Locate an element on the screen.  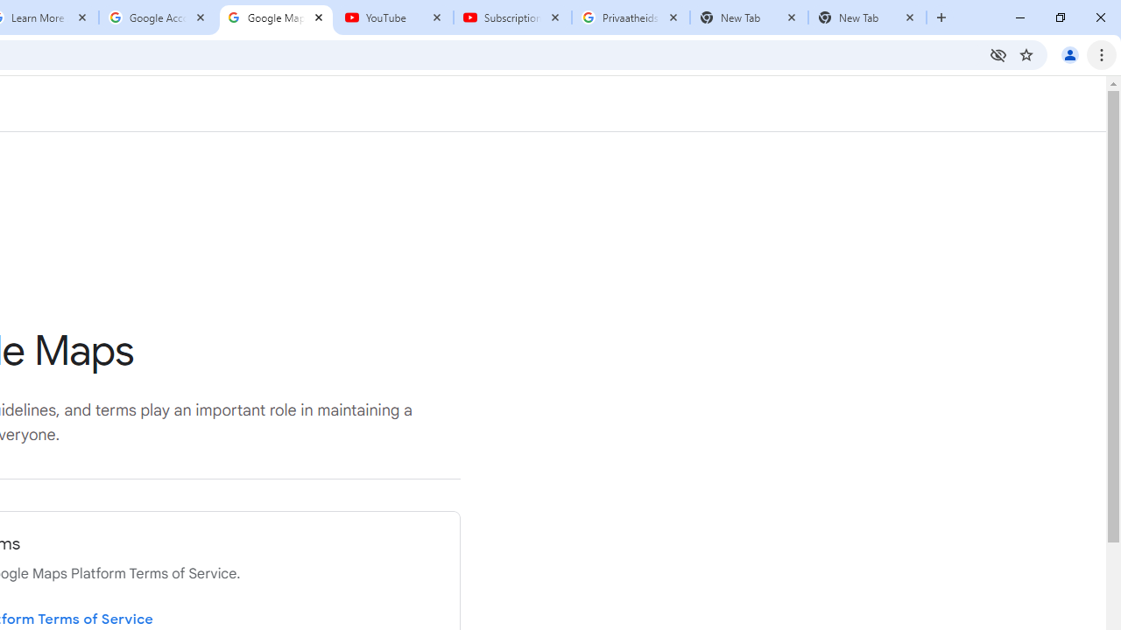
'YouTube' is located at coordinates (393, 17).